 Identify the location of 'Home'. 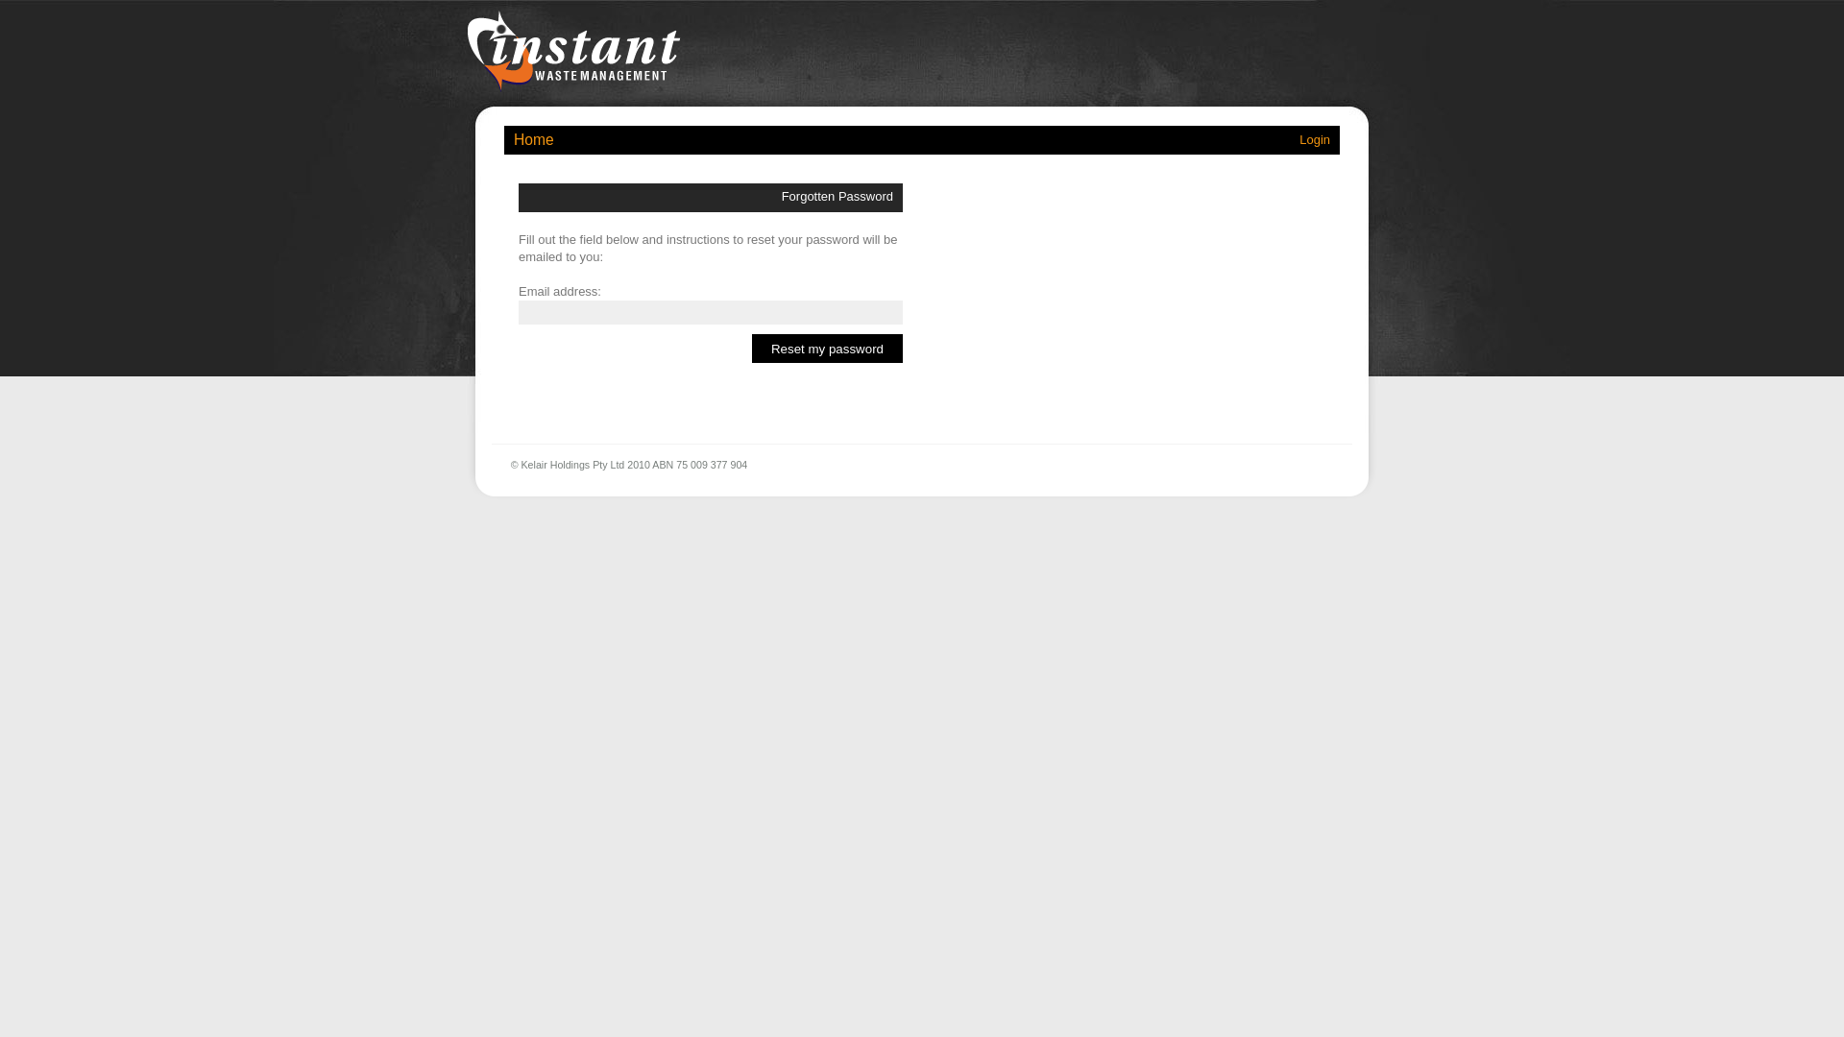
(534, 138).